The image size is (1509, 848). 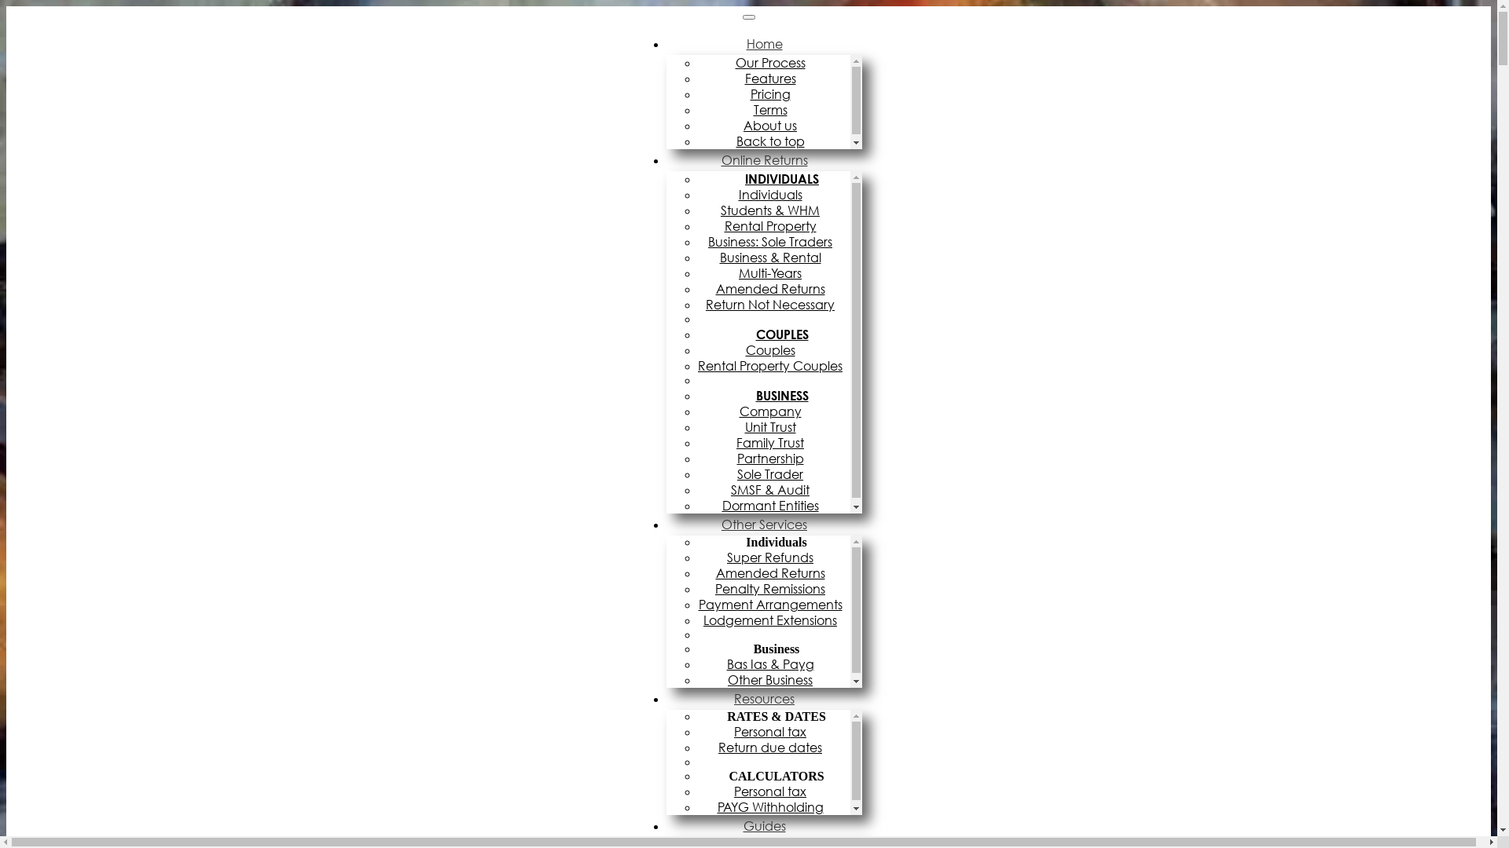 I want to click on 'Company', so click(x=773, y=411).